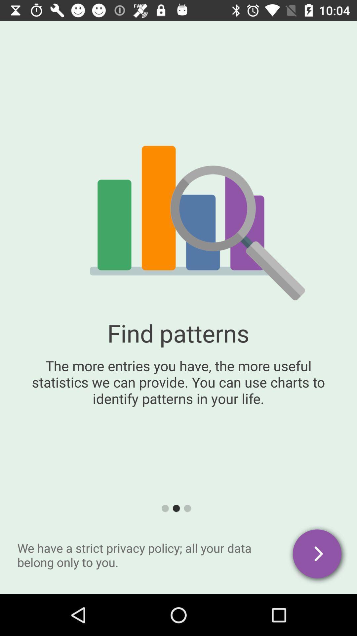  What do you see at coordinates (317, 555) in the screenshot?
I see `the arrow_forward icon` at bounding box center [317, 555].